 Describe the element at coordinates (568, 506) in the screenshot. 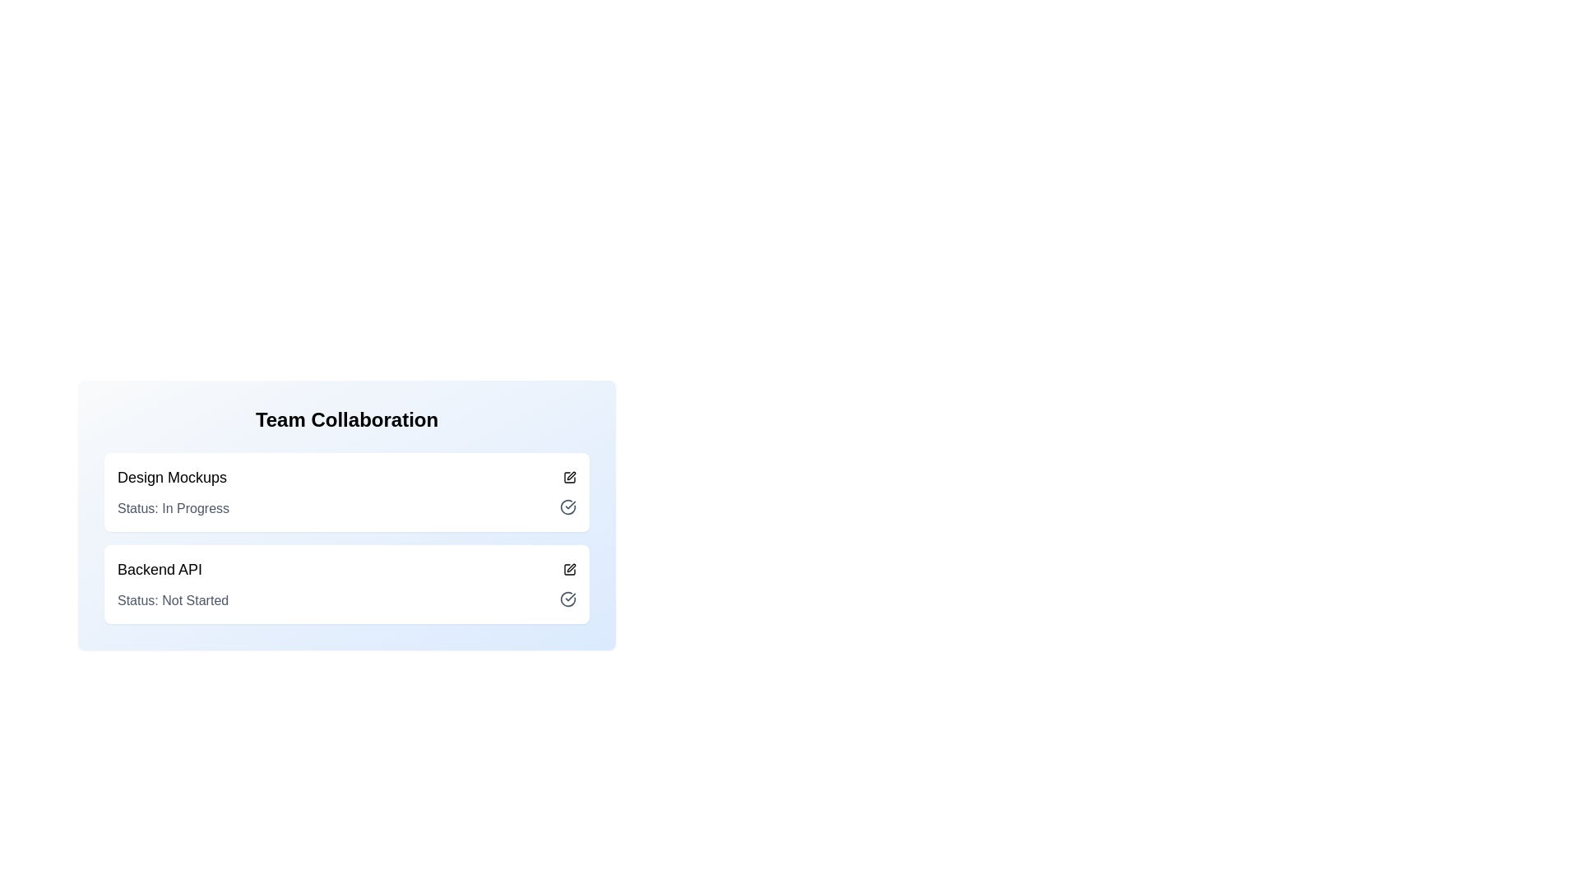

I see `the graphical icon component representing the status indicator for the task 'Design Mockups', located next to the text 'Status: In Progress'` at that location.